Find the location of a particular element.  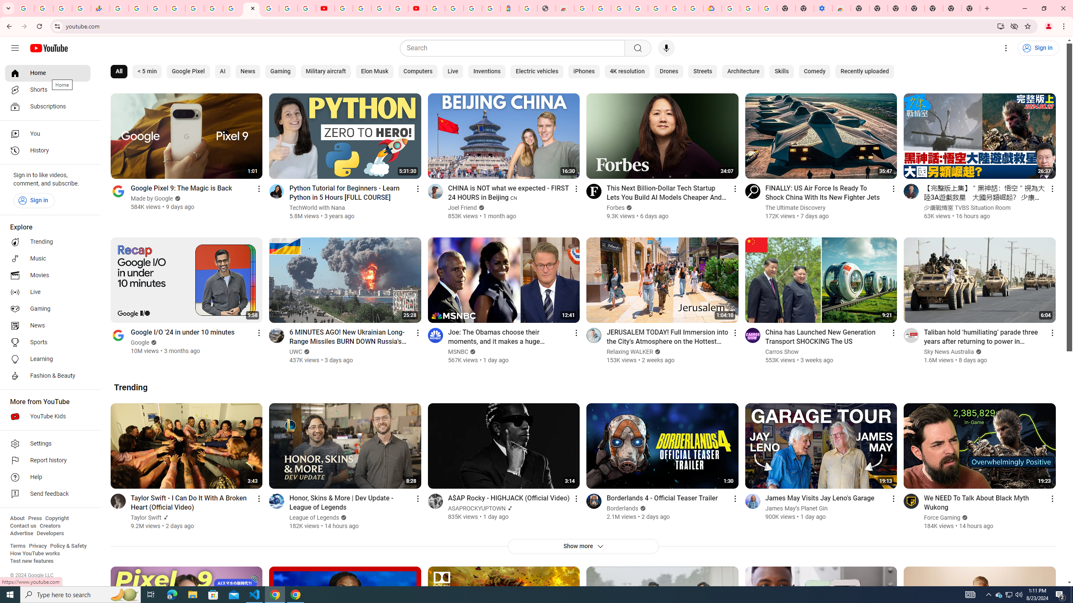

'Turn cookies on or off - Computer - Google Account Help' is located at coordinates (767, 8).